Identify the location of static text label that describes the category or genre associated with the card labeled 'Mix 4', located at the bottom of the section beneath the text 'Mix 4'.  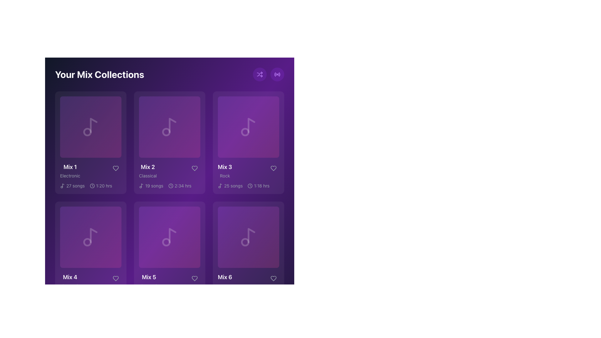
(70, 286).